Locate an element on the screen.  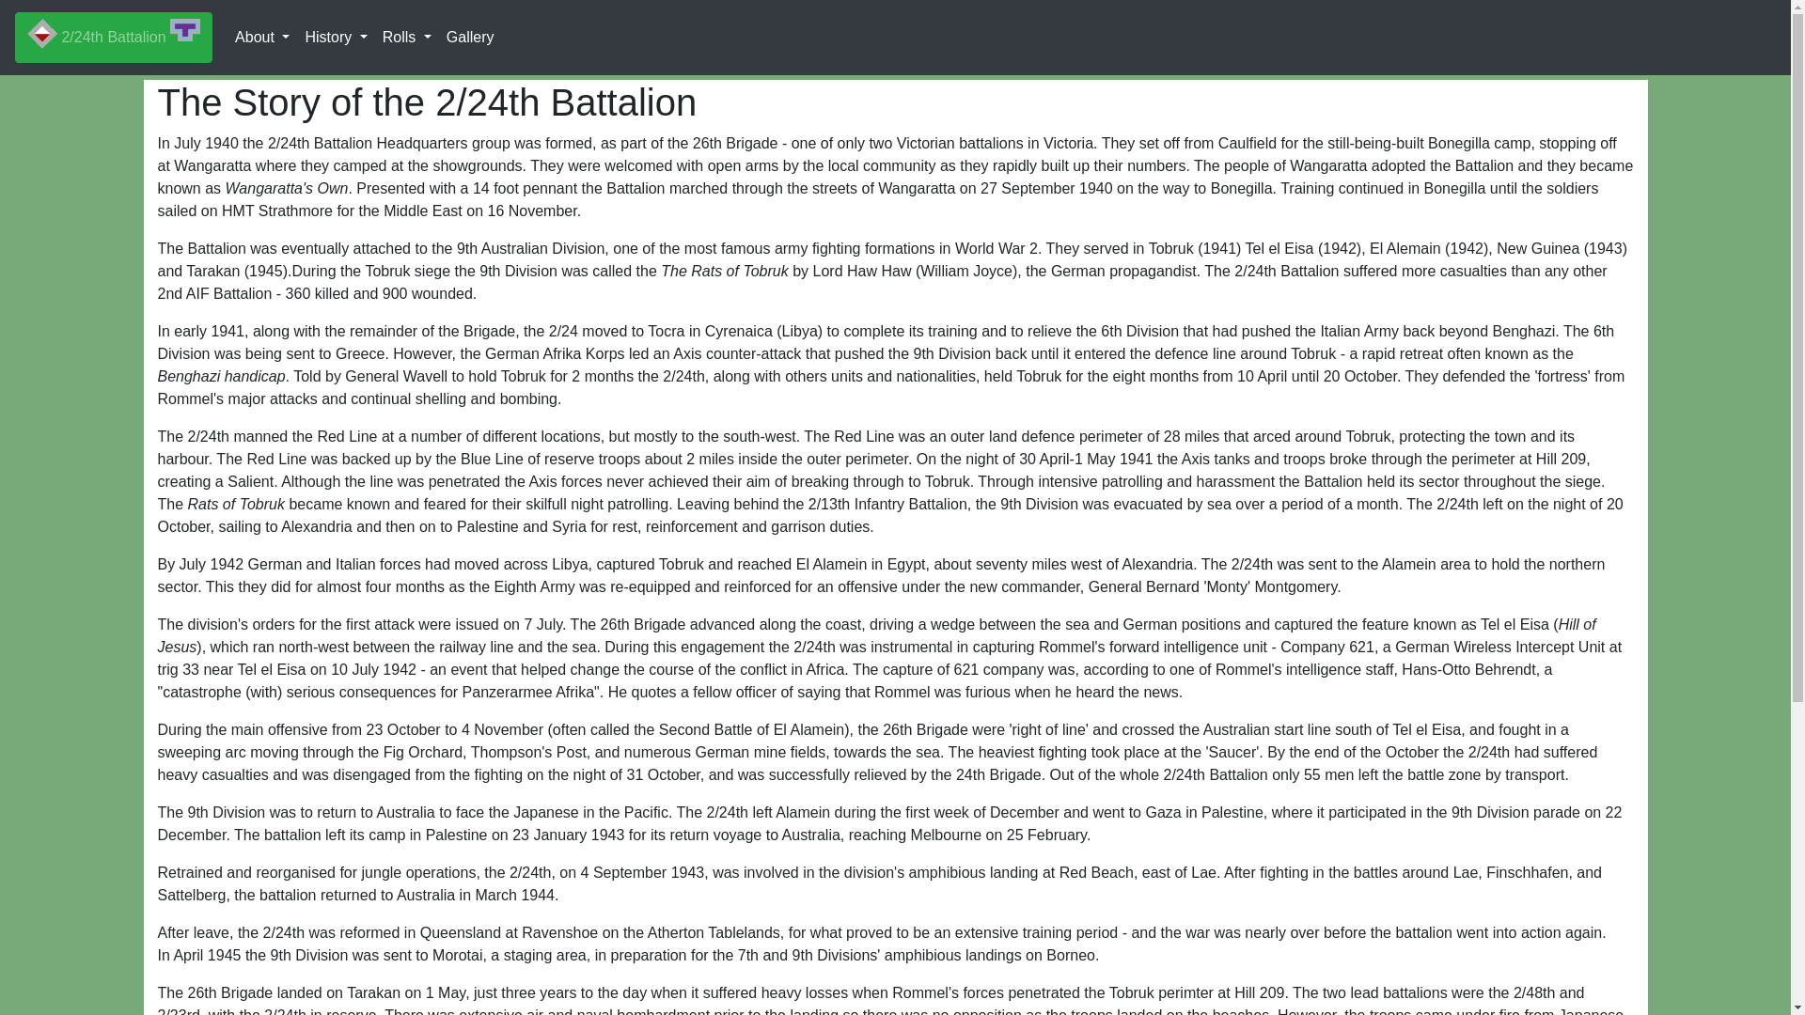
'Gallery' is located at coordinates (470, 37).